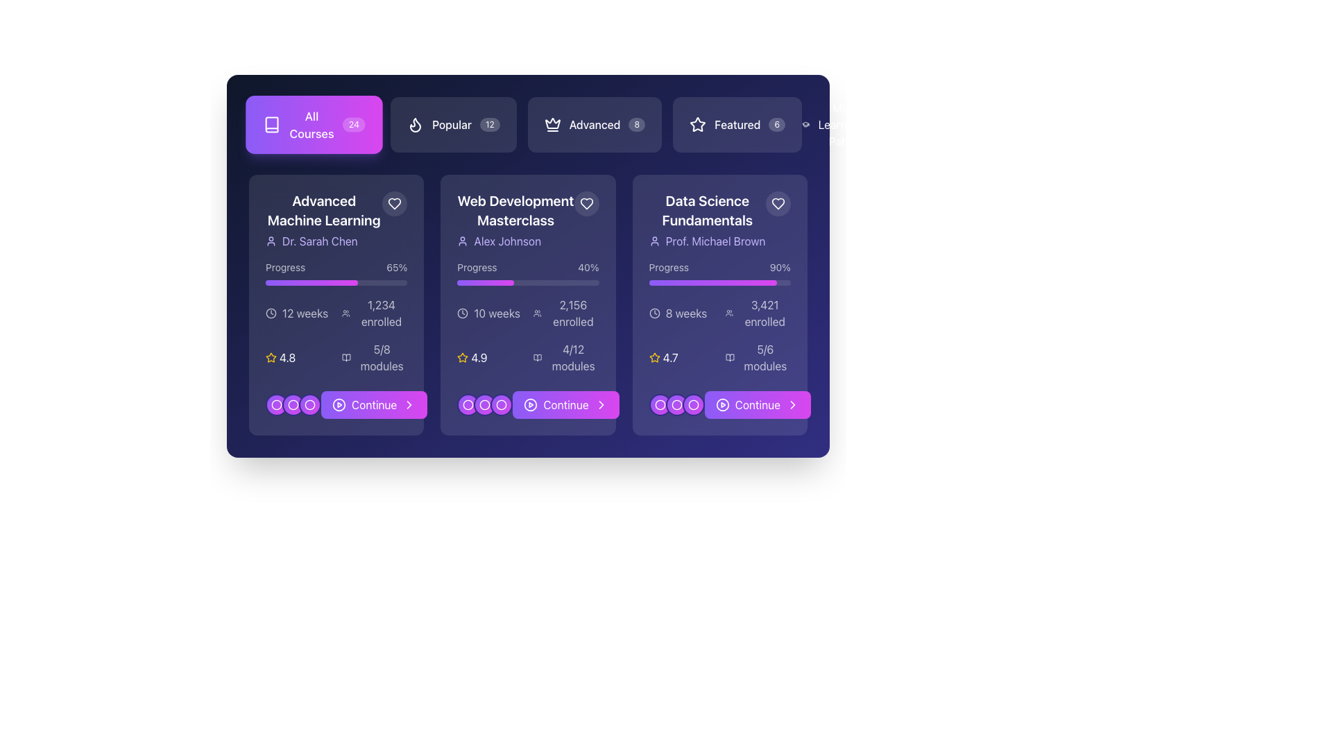  Describe the element at coordinates (681, 357) in the screenshot. I see `average rating value displayed in the Rating display for the 'Data Science Fundamentals' course, located at the bottom center of the course card, beneath enrollment and duration information` at that location.